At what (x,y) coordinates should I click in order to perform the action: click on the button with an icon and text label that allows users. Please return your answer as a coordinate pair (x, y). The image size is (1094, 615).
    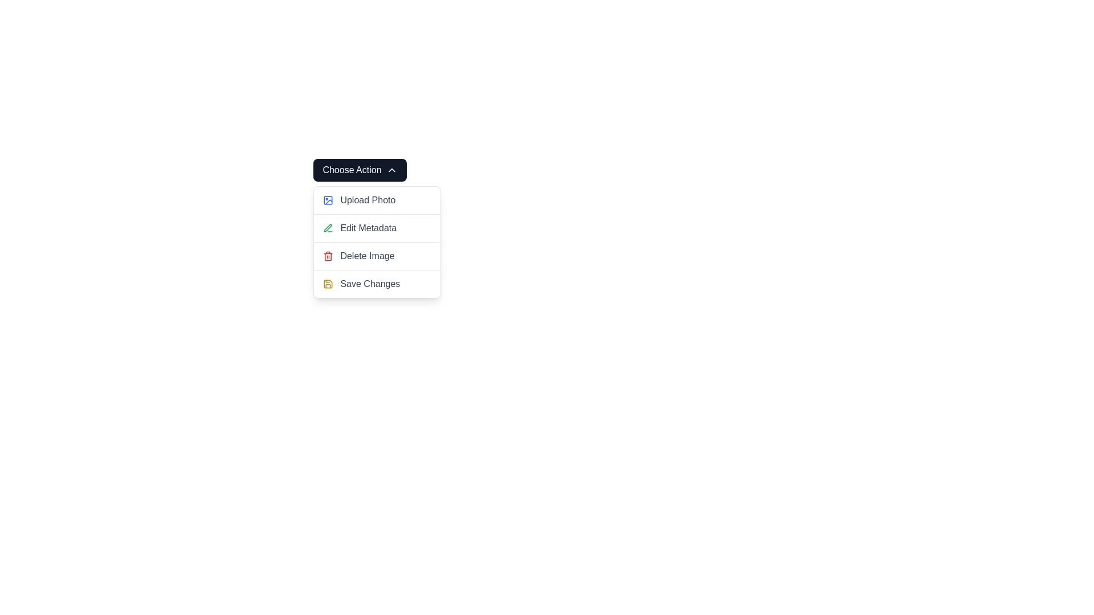
    Looking at the image, I should click on (377, 228).